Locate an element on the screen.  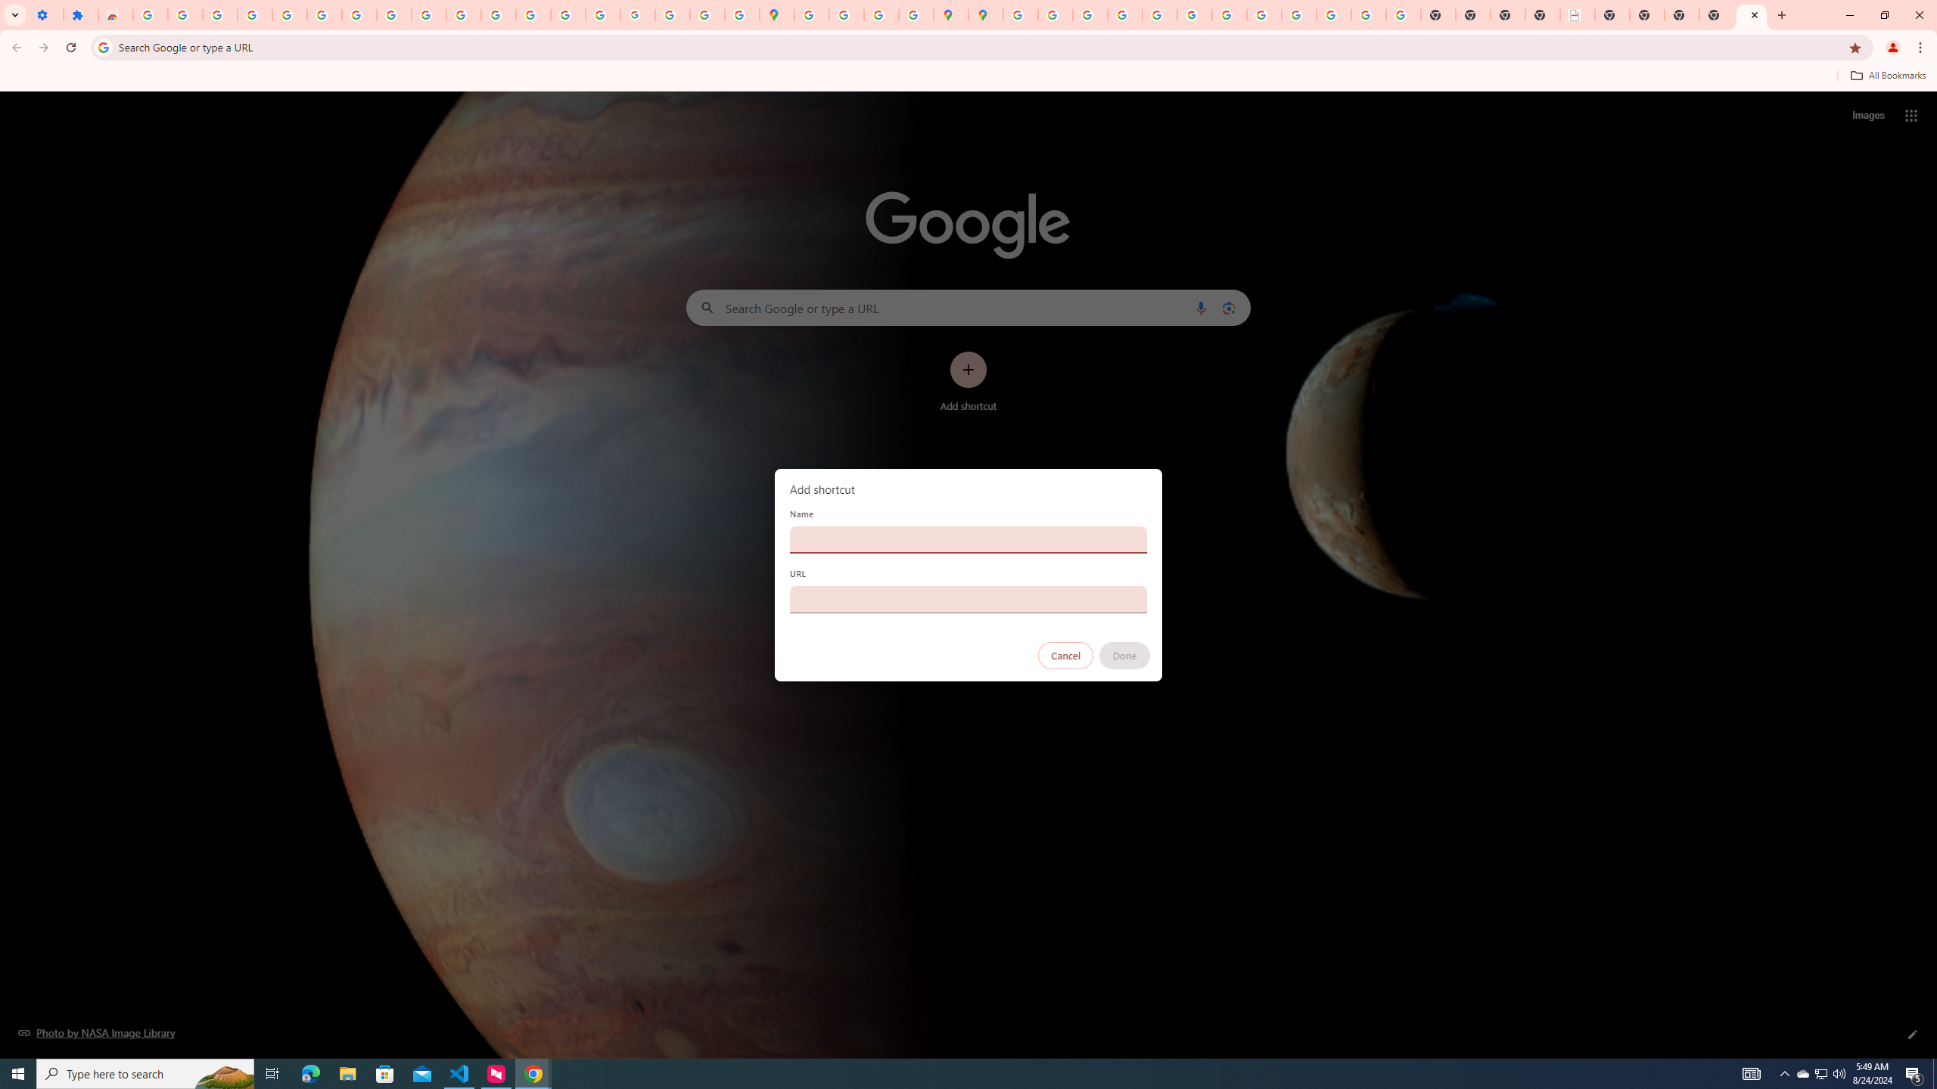
'Name' is located at coordinates (968, 538).